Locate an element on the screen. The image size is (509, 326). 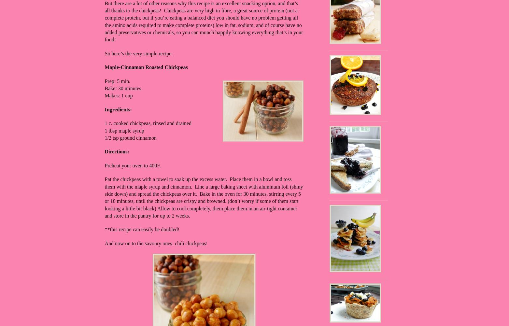
'1/2 tsp ground cinnamon' is located at coordinates (131, 137).